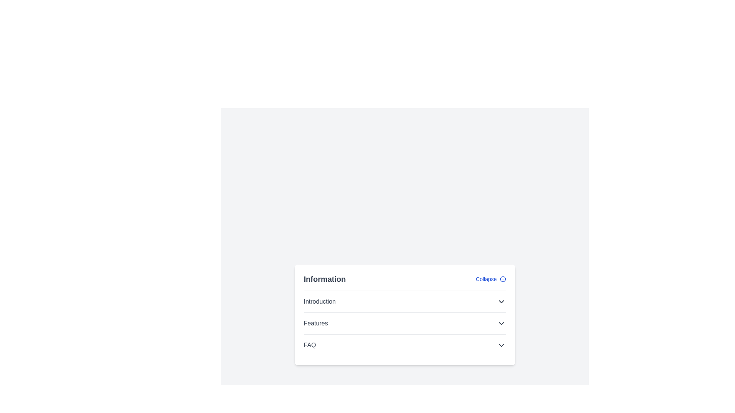 The height and width of the screenshot is (413, 735). Describe the element at coordinates (404, 345) in the screenshot. I see `the third and last clickable list item in the FAQ section` at that location.